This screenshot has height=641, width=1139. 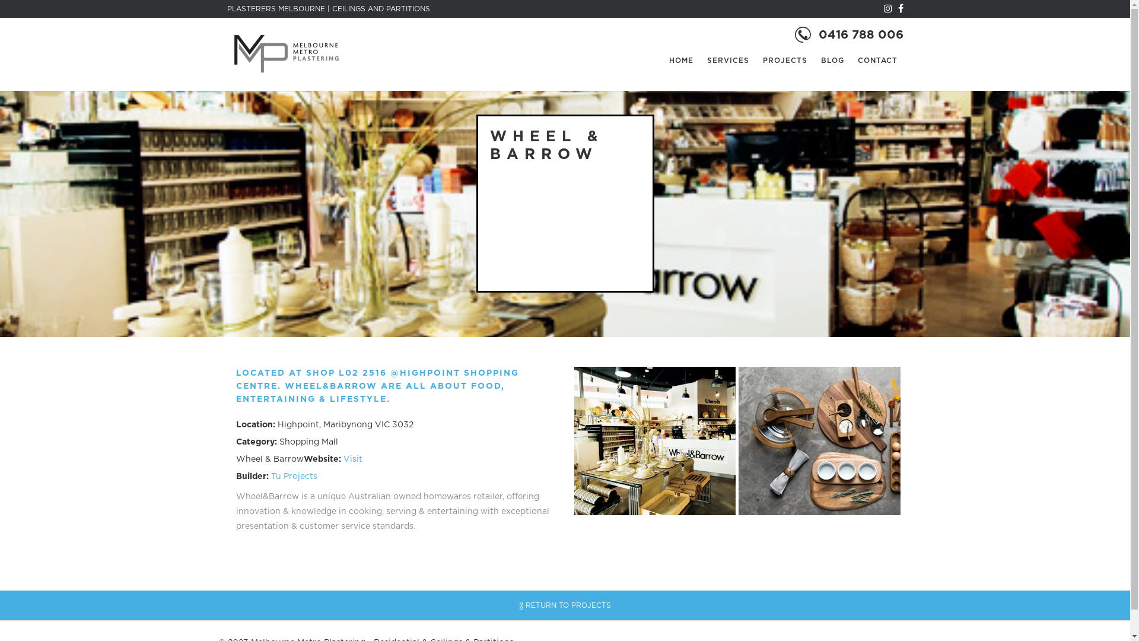 I want to click on 'CONTACT', so click(x=877, y=60).